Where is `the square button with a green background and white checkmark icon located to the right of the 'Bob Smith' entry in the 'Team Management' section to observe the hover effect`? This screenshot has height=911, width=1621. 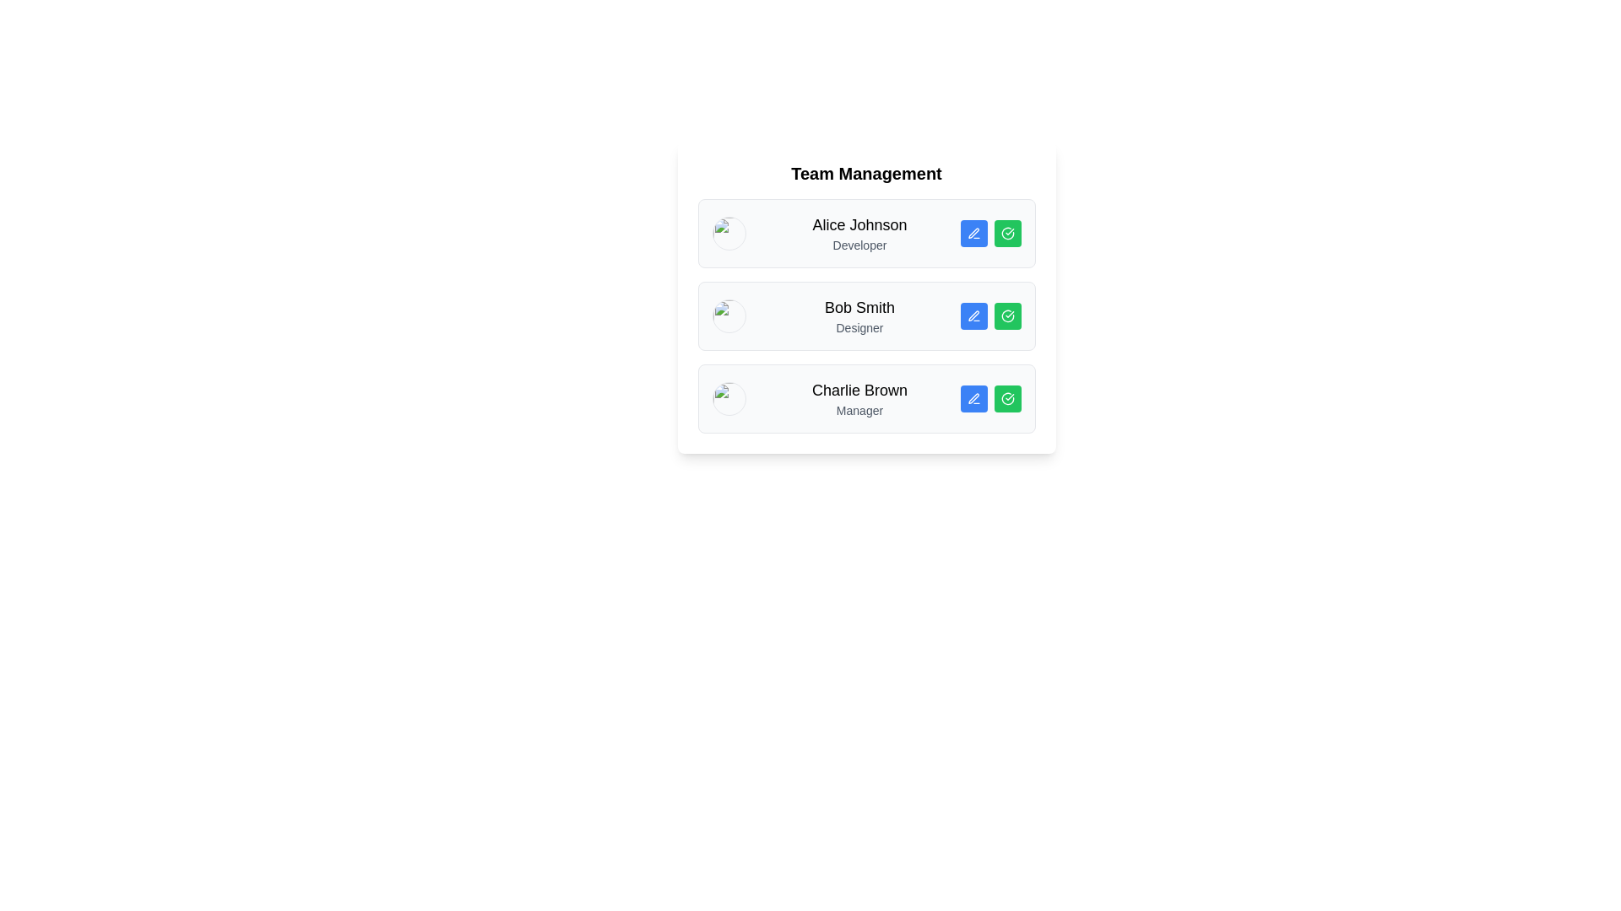
the square button with a green background and white checkmark icon located to the right of the 'Bob Smith' entry in the 'Team Management' section to observe the hover effect is located at coordinates (1007, 315).